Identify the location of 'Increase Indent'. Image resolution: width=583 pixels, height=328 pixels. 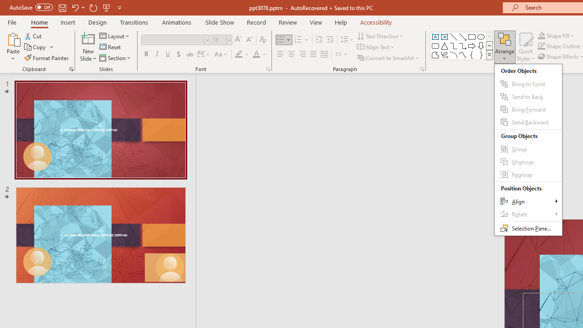
(330, 39).